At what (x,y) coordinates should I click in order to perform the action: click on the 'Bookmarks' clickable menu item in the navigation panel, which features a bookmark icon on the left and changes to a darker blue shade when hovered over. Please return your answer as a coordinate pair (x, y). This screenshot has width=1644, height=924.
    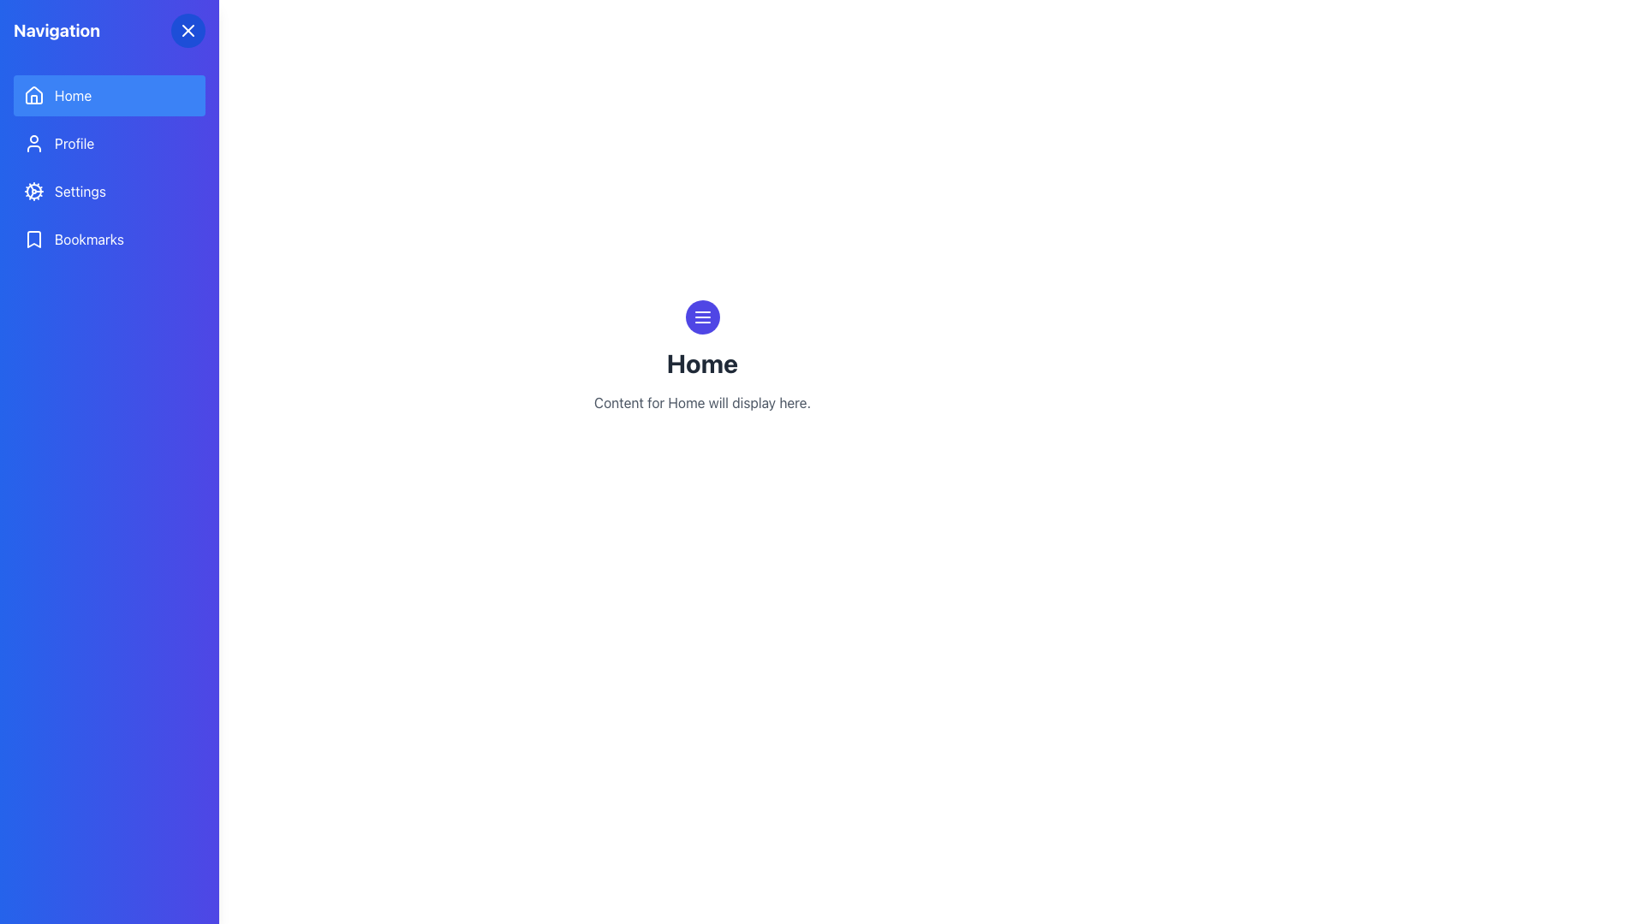
    Looking at the image, I should click on (109, 240).